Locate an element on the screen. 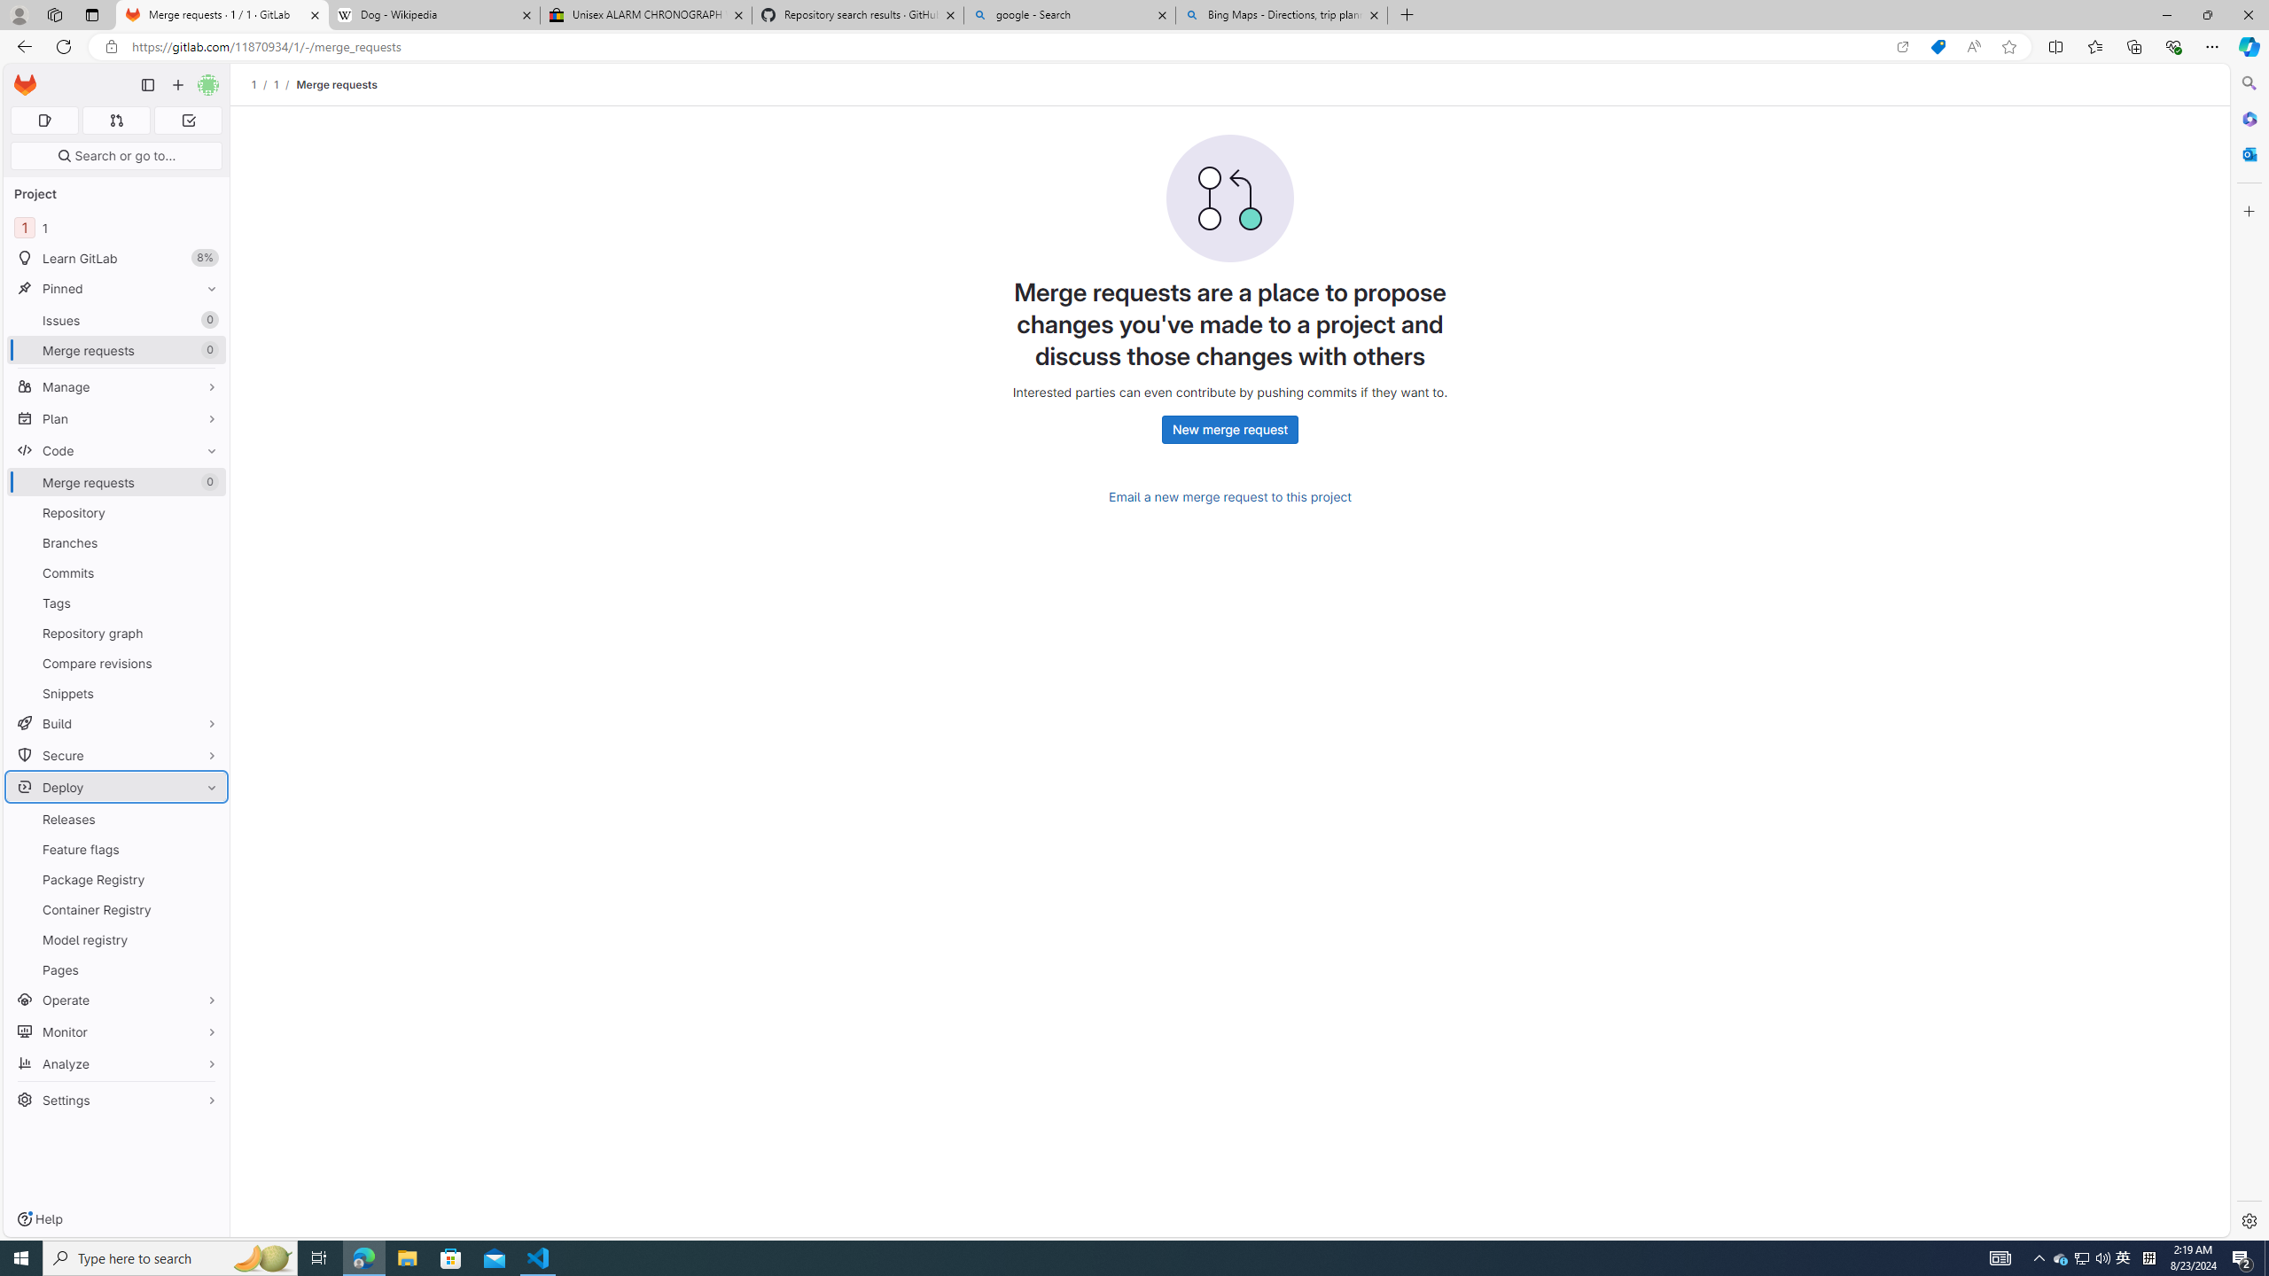 The height and width of the screenshot is (1276, 2269). 'Deploy' is located at coordinates (115, 787).